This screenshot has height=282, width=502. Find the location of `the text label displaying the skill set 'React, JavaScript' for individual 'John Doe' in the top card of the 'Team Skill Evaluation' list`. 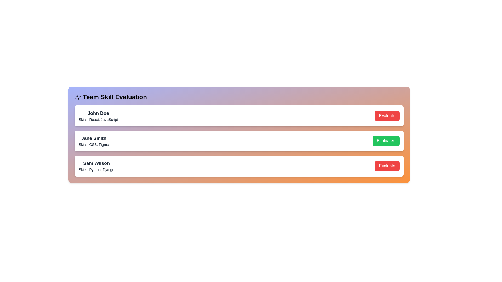

the text label displaying the skill set 'React, JavaScript' for individual 'John Doe' in the top card of the 'Team Skill Evaluation' list is located at coordinates (98, 120).